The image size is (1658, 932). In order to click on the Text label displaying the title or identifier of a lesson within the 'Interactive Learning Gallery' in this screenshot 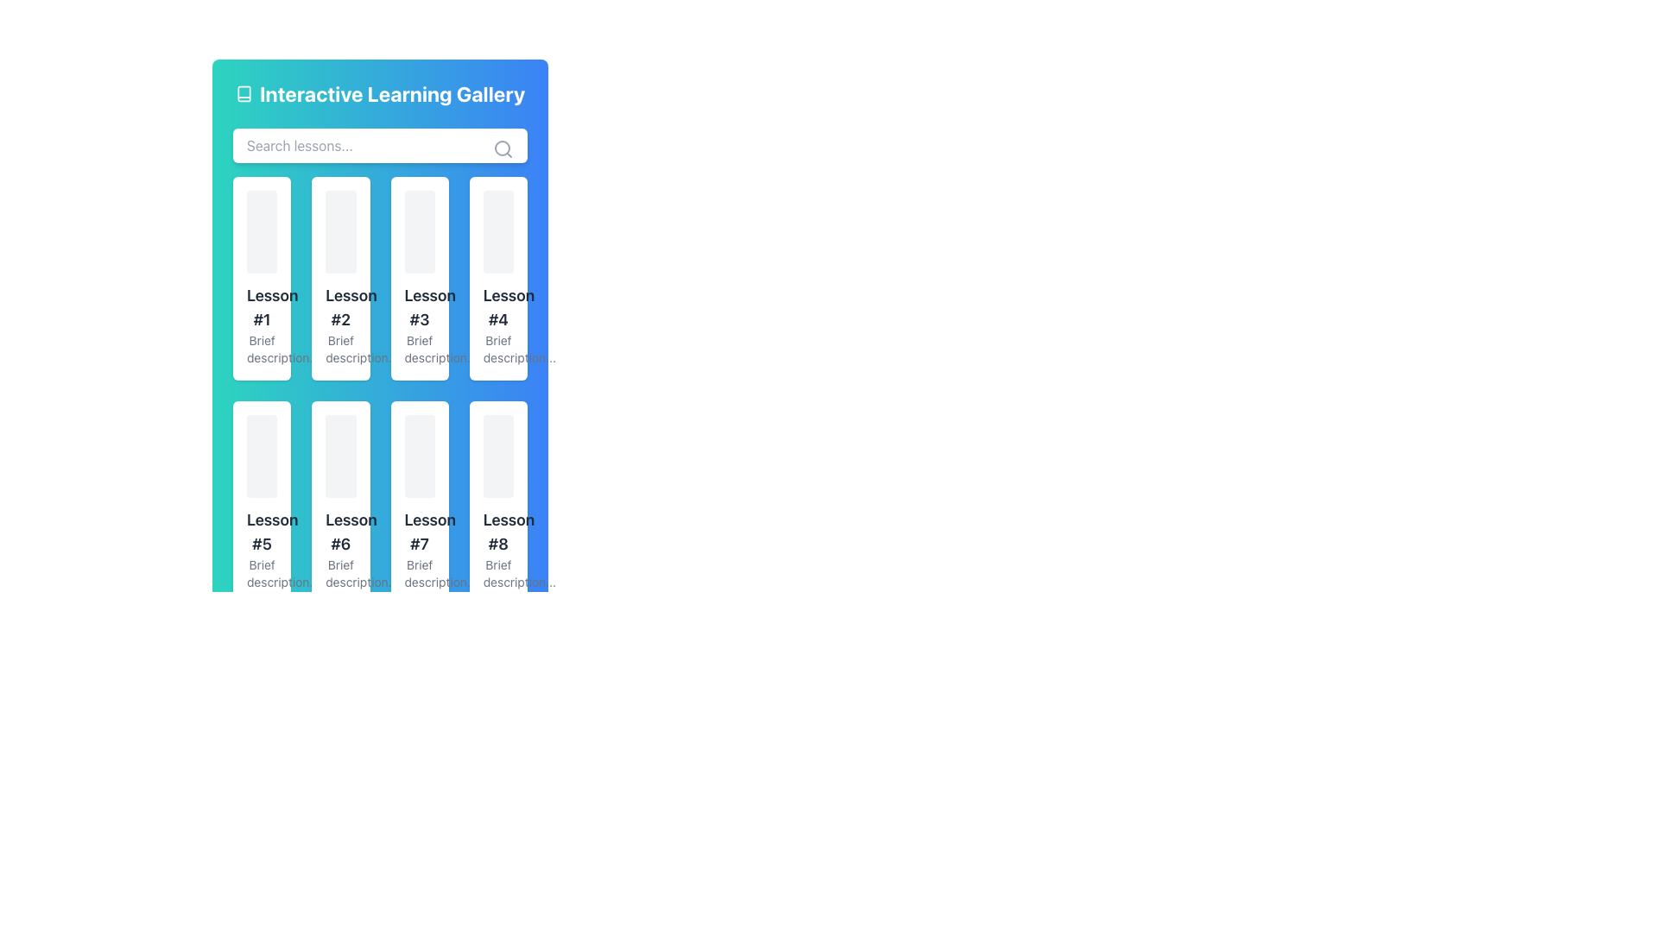, I will do `click(261, 307)`.